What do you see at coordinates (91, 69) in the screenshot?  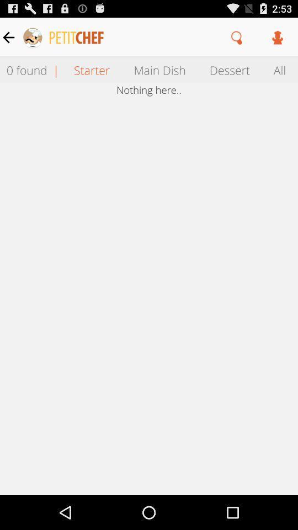 I see `the item above the nothing here.. icon` at bounding box center [91, 69].